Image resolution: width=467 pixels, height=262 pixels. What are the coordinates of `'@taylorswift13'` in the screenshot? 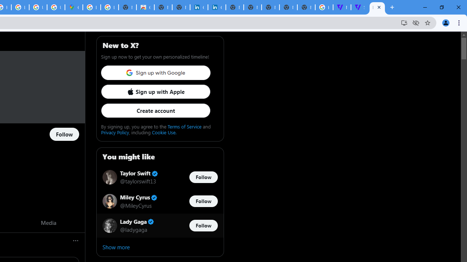 It's located at (138, 181).